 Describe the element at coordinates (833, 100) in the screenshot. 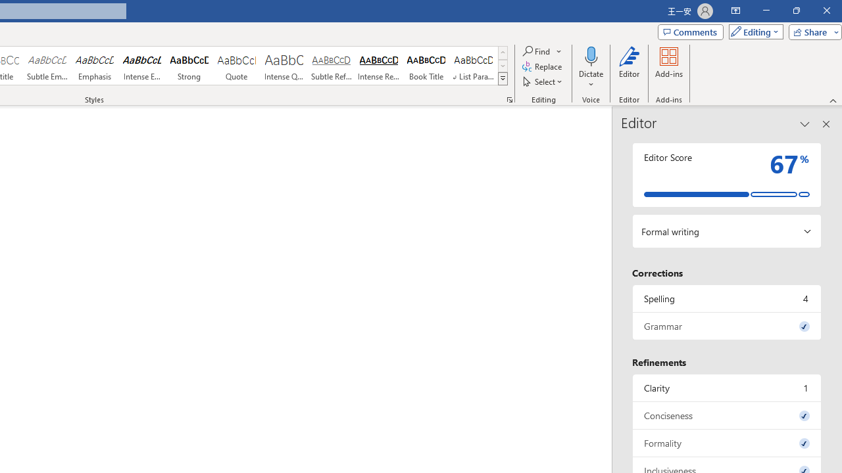

I see `'Collapse the Ribbon'` at that location.